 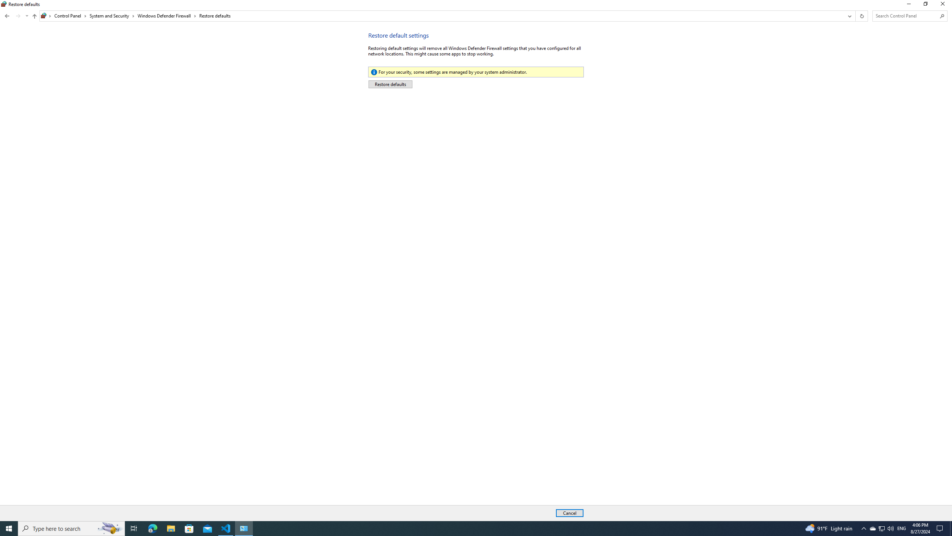 What do you see at coordinates (890, 528) in the screenshot?
I see `'Q2790: 100%'` at bounding box center [890, 528].